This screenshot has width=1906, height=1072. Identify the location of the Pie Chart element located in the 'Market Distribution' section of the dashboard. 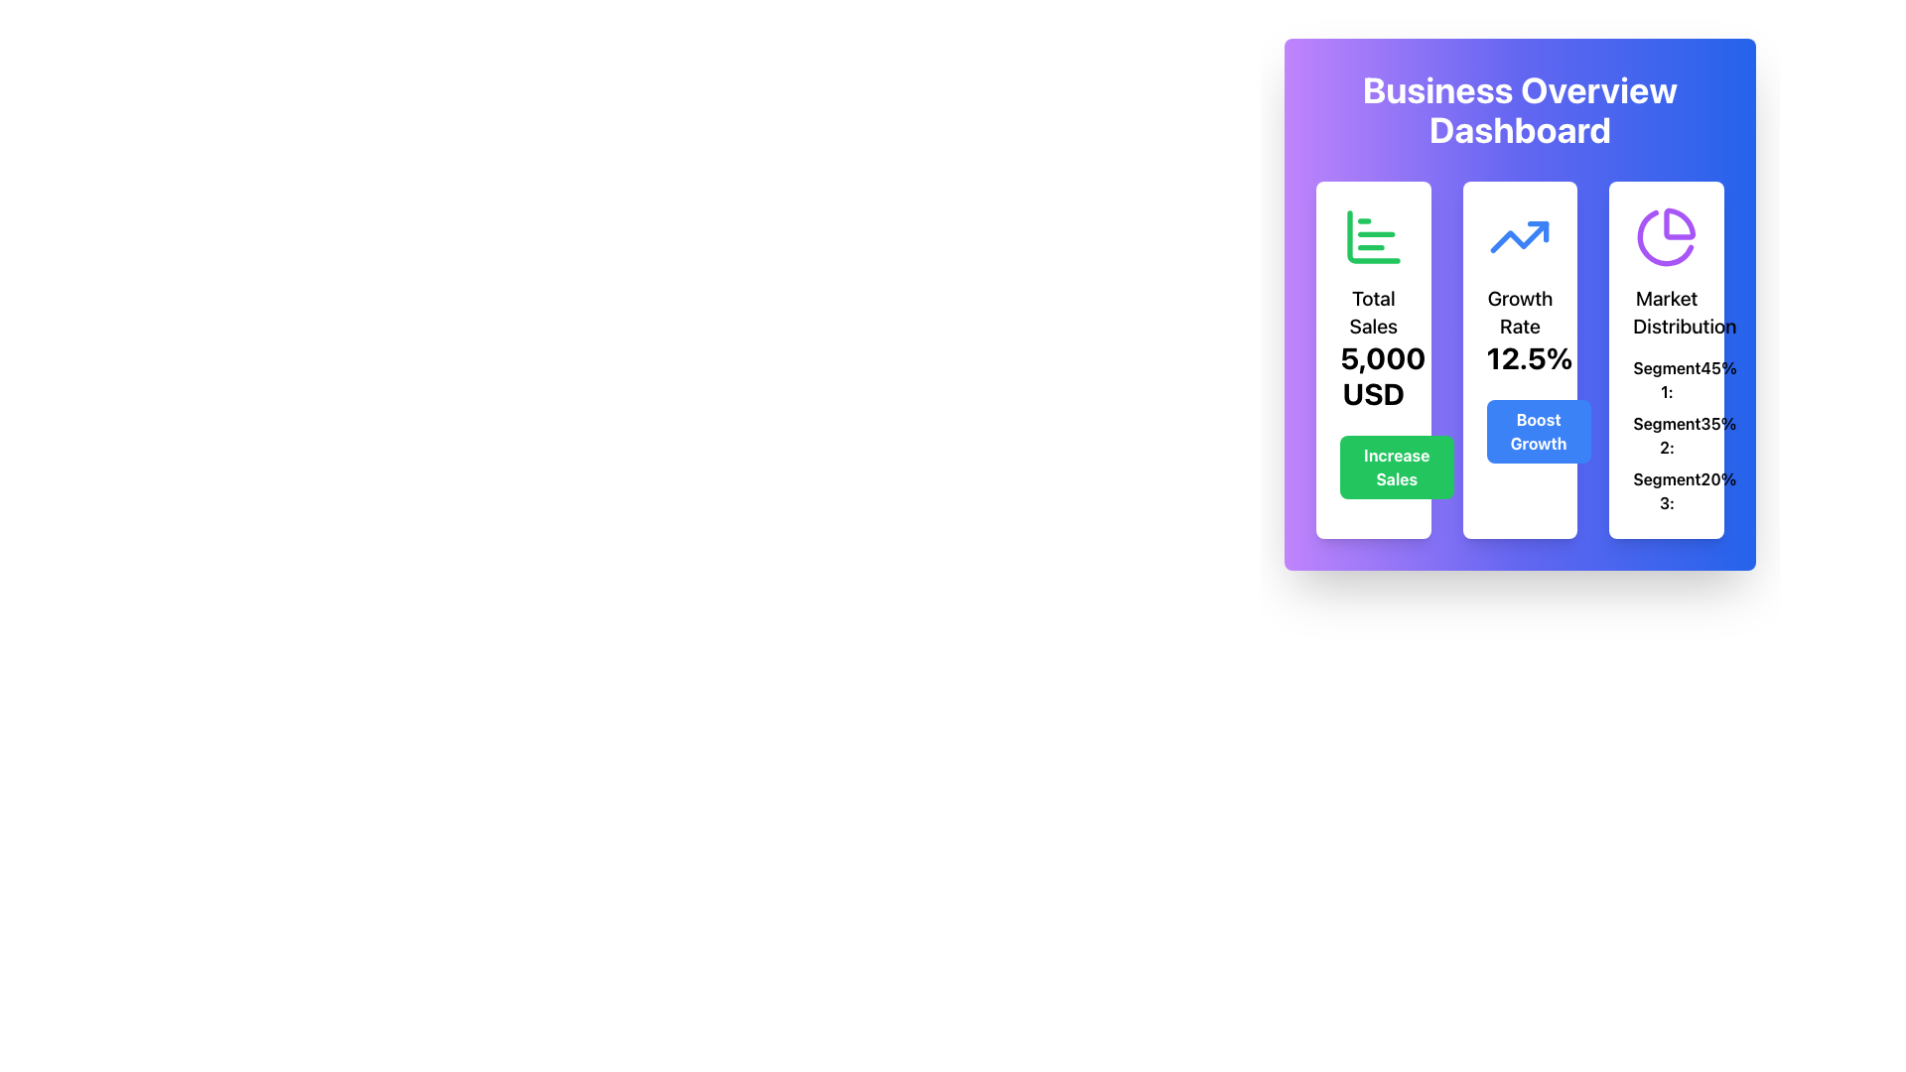
(1666, 237).